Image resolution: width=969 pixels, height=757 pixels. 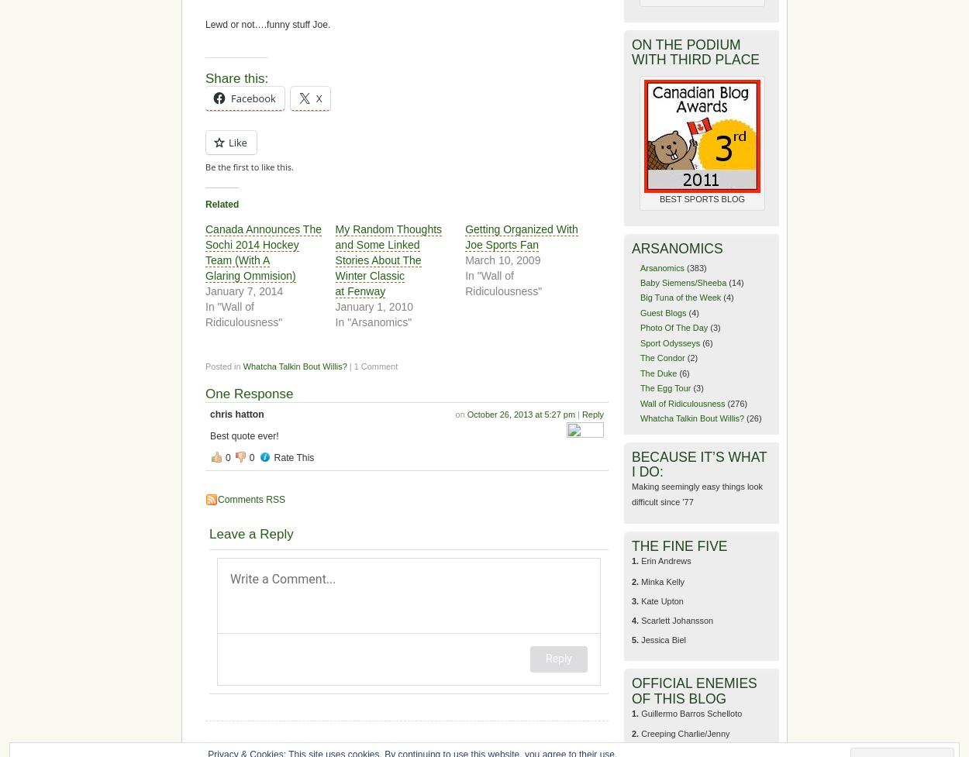 What do you see at coordinates (521, 413) in the screenshot?
I see `'October 26, 2013 at 5:27 pm'` at bounding box center [521, 413].